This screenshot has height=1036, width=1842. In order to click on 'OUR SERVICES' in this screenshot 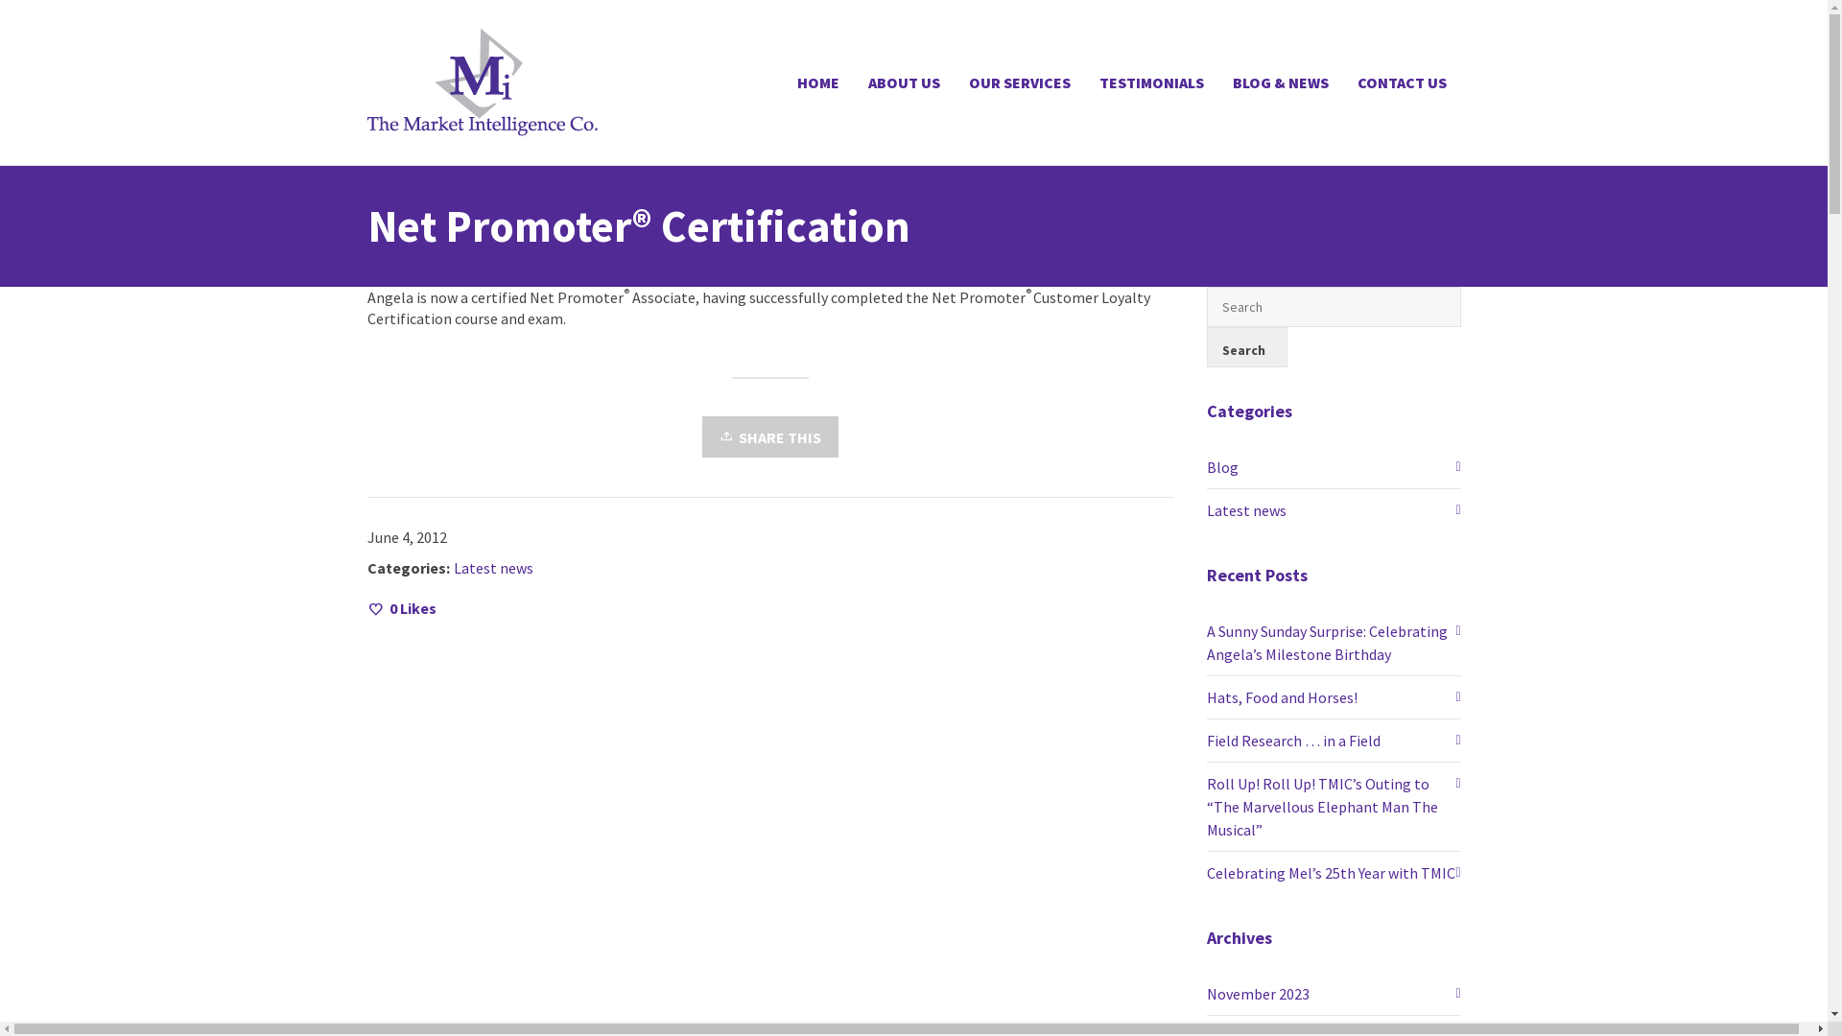, I will do `click(1017, 81)`.